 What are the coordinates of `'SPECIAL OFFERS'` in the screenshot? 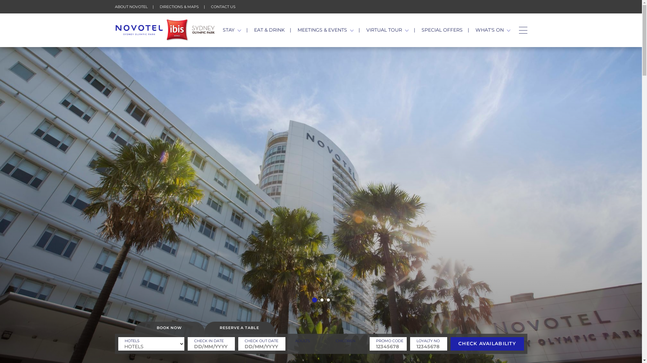 It's located at (442, 30).